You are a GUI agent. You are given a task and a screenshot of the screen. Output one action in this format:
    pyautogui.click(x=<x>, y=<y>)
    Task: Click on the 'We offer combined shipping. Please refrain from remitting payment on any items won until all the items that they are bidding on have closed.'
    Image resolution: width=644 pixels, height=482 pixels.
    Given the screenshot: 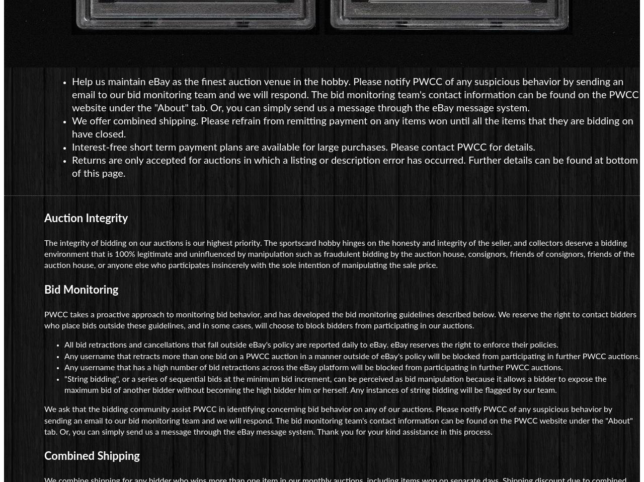 What is the action you would take?
    pyautogui.click(x=352, y=127)
    